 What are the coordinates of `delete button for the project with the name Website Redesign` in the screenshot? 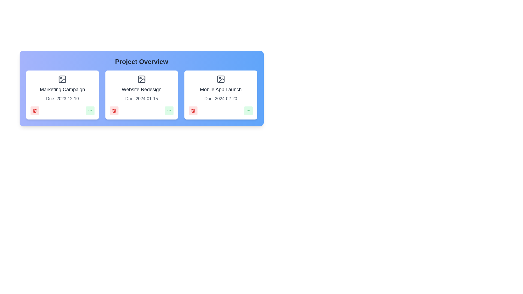 It's located at (113, 111).